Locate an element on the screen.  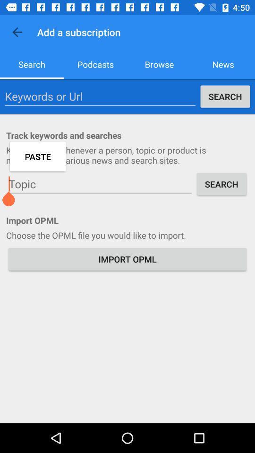
the icon next to search item is located at coordinates (95, 64).